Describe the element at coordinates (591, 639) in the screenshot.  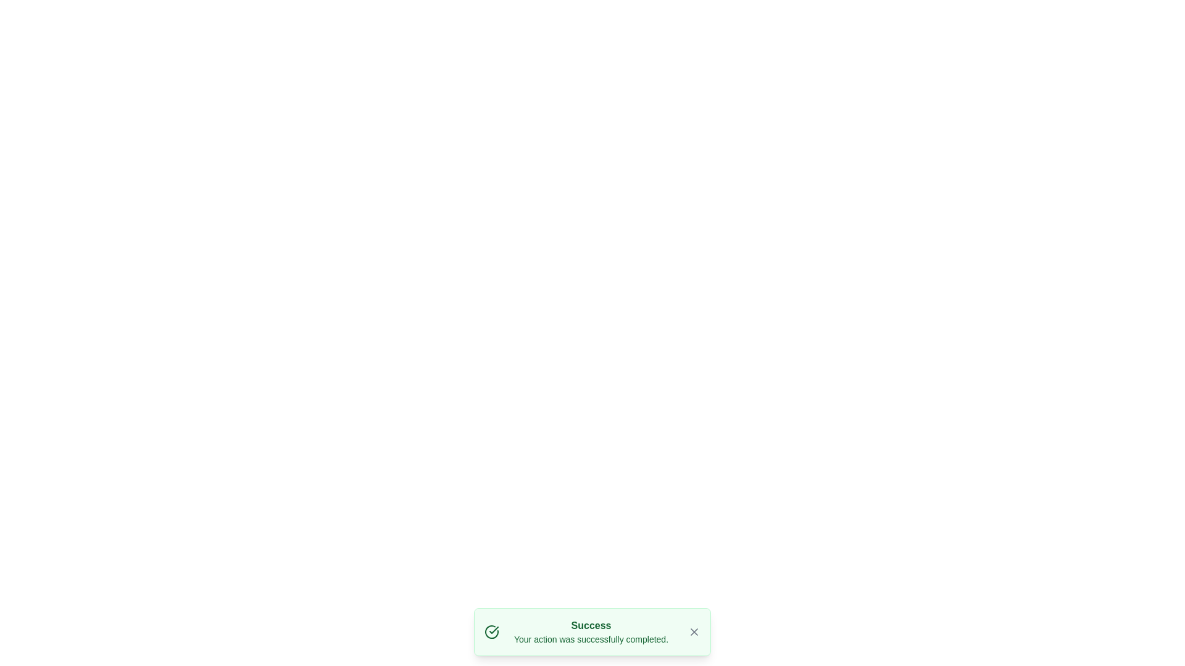
I see `the success message text label that states 'Your action was successfully completed.'` at that location.